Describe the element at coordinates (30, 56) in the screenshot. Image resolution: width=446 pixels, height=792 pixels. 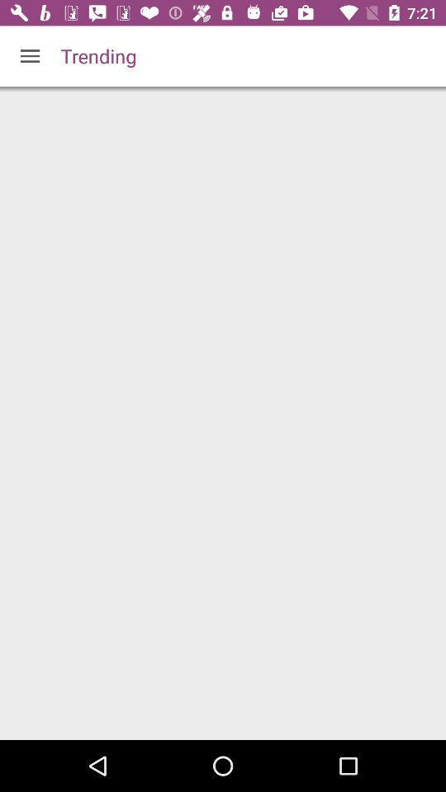
I see `the item to the left of the trending icon` at that location.